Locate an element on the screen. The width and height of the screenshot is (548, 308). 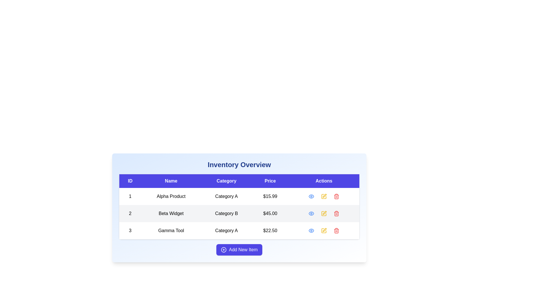
the red trash can icon button located in the 'Actions' column of the second row is located at coordinates (337, 196).